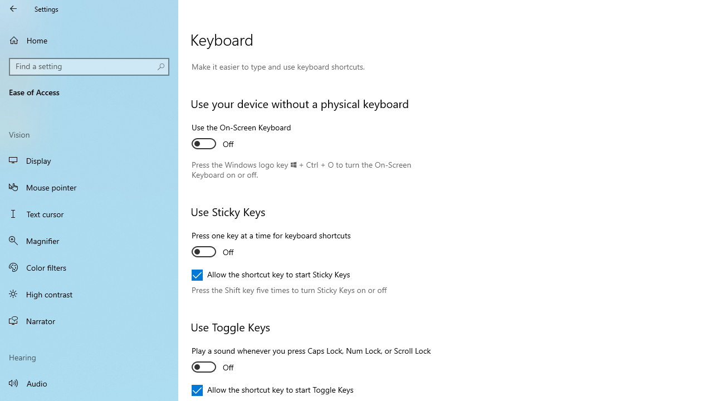 This screenshot has height=401, width=713. I want to click on 'Allow the shortcut key to start Toggle Keys', so click(272, 389).